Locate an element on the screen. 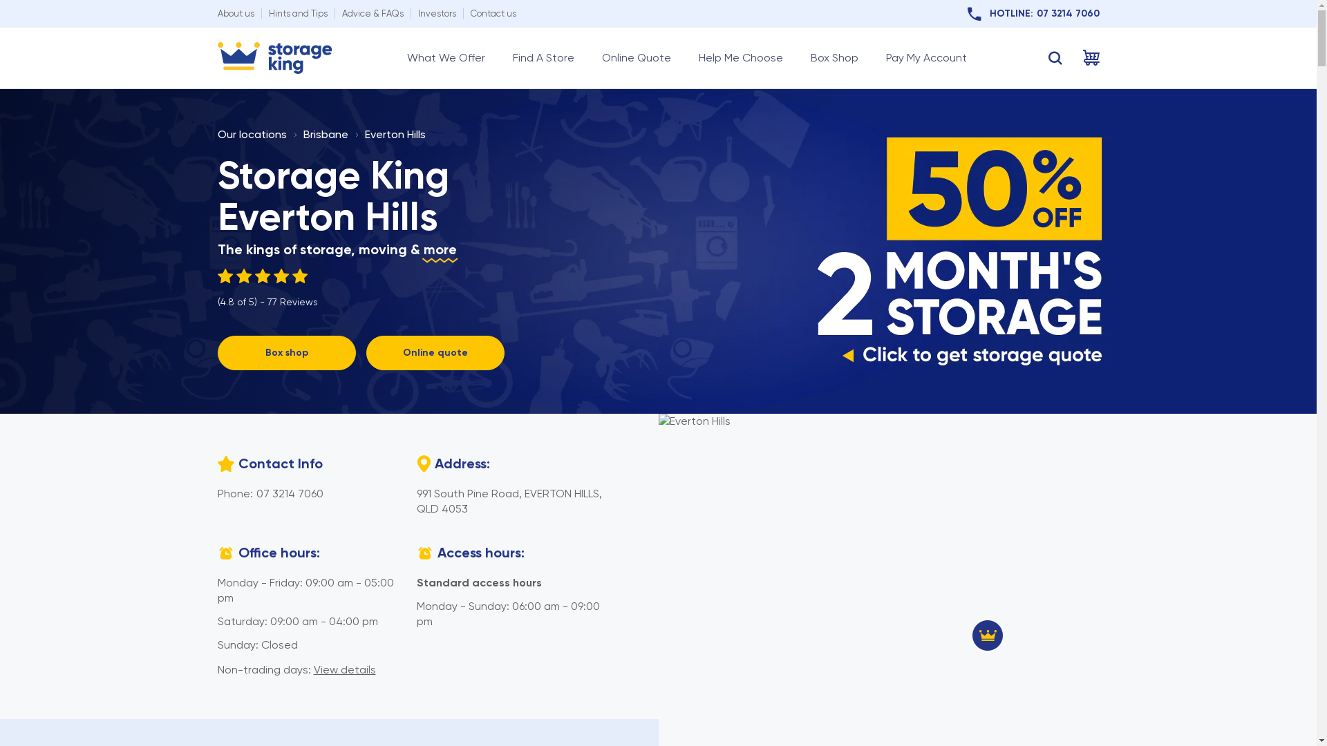 The height and width of the screenshot is (746, 1327). 'Our locations' is located at coordinates (216, 134).